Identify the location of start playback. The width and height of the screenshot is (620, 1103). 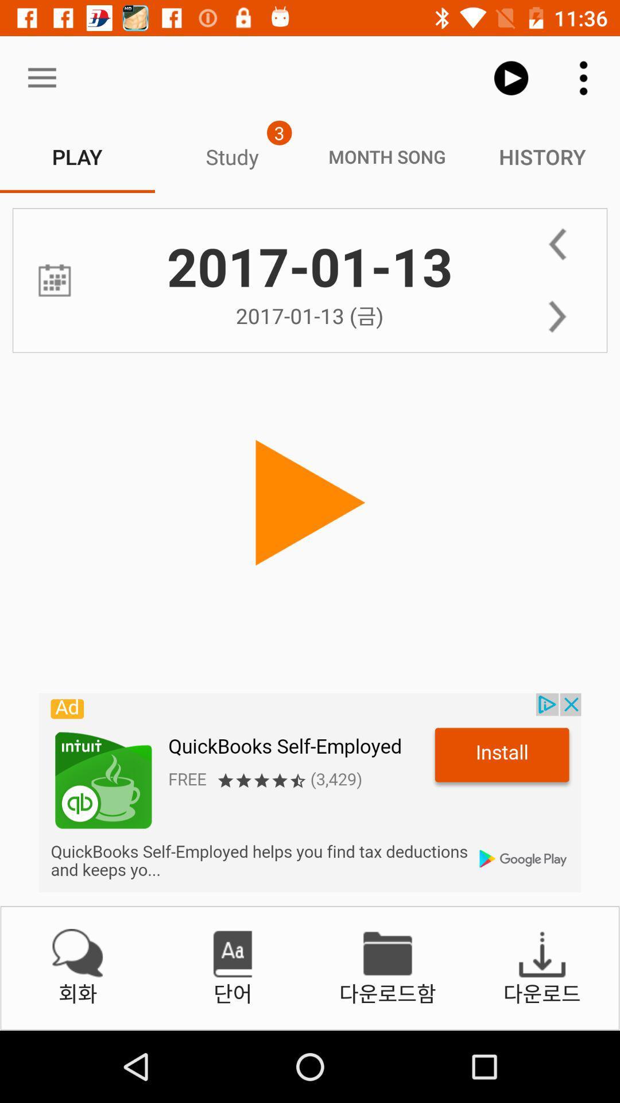
(310, 503).